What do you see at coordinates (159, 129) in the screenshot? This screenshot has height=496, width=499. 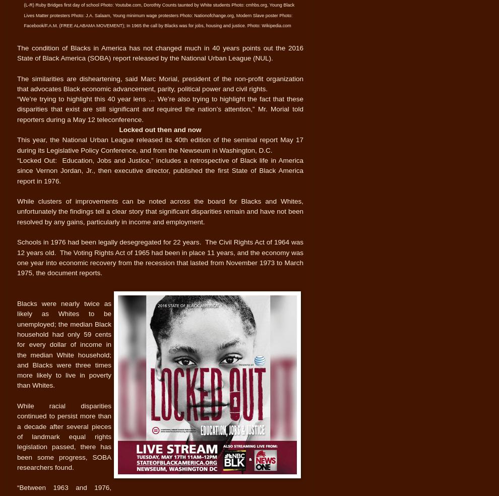 I see `'Locked out then and now'` at bounding box center [159, 129].